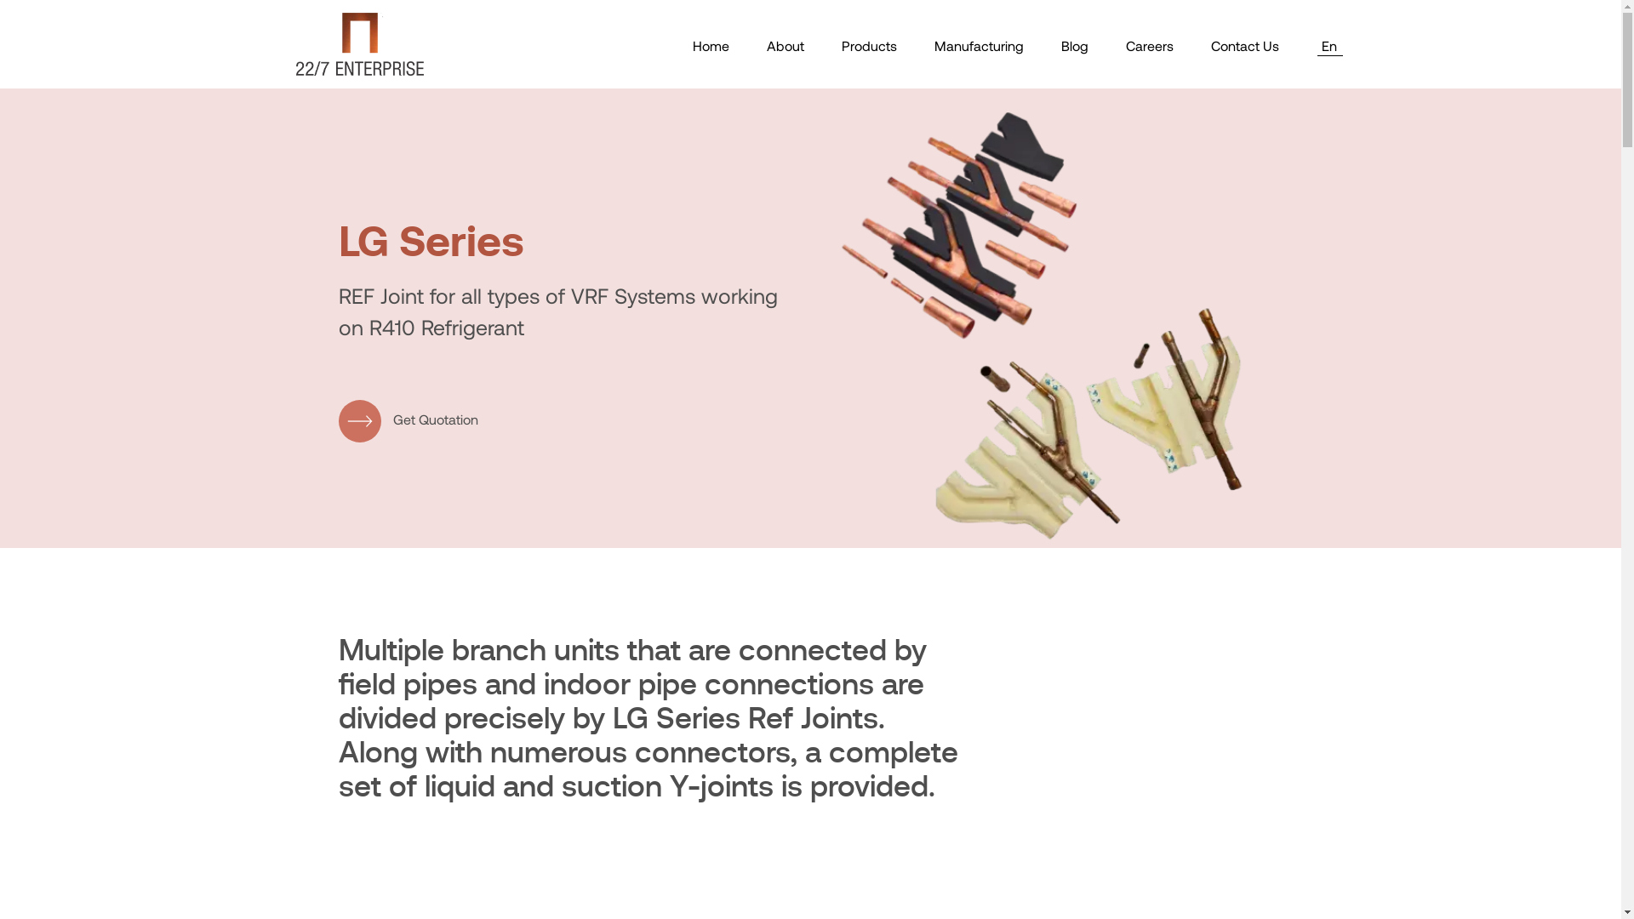  Describe the element at coordinates (1148, 44) in the screenshot. I see `'Careers'` at that location.